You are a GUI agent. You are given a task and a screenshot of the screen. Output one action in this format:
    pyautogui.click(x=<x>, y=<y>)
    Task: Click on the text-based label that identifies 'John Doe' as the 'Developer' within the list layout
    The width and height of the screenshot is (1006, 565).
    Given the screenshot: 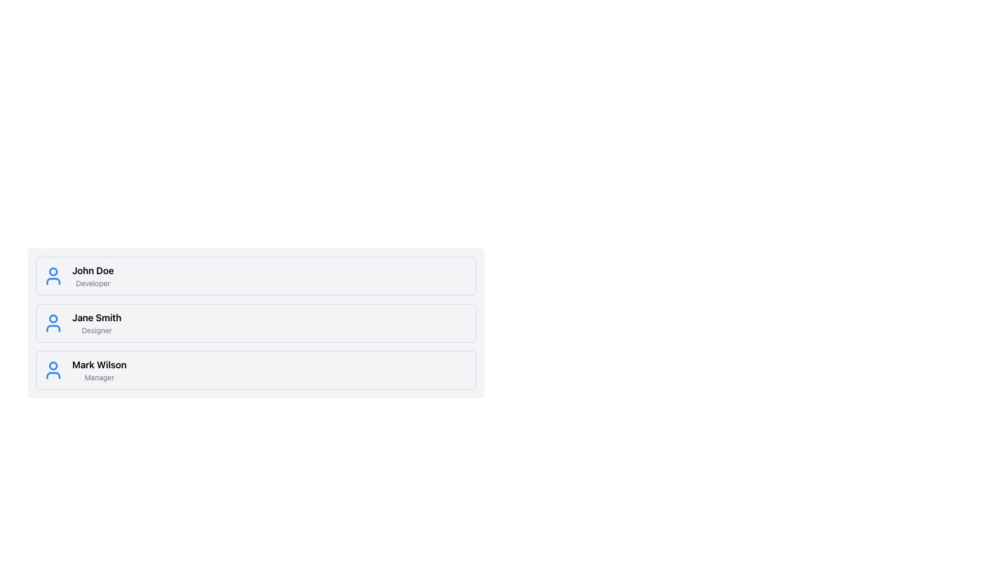 What is the action you would take?
    pyautogui.click(x=93, y=276)
    